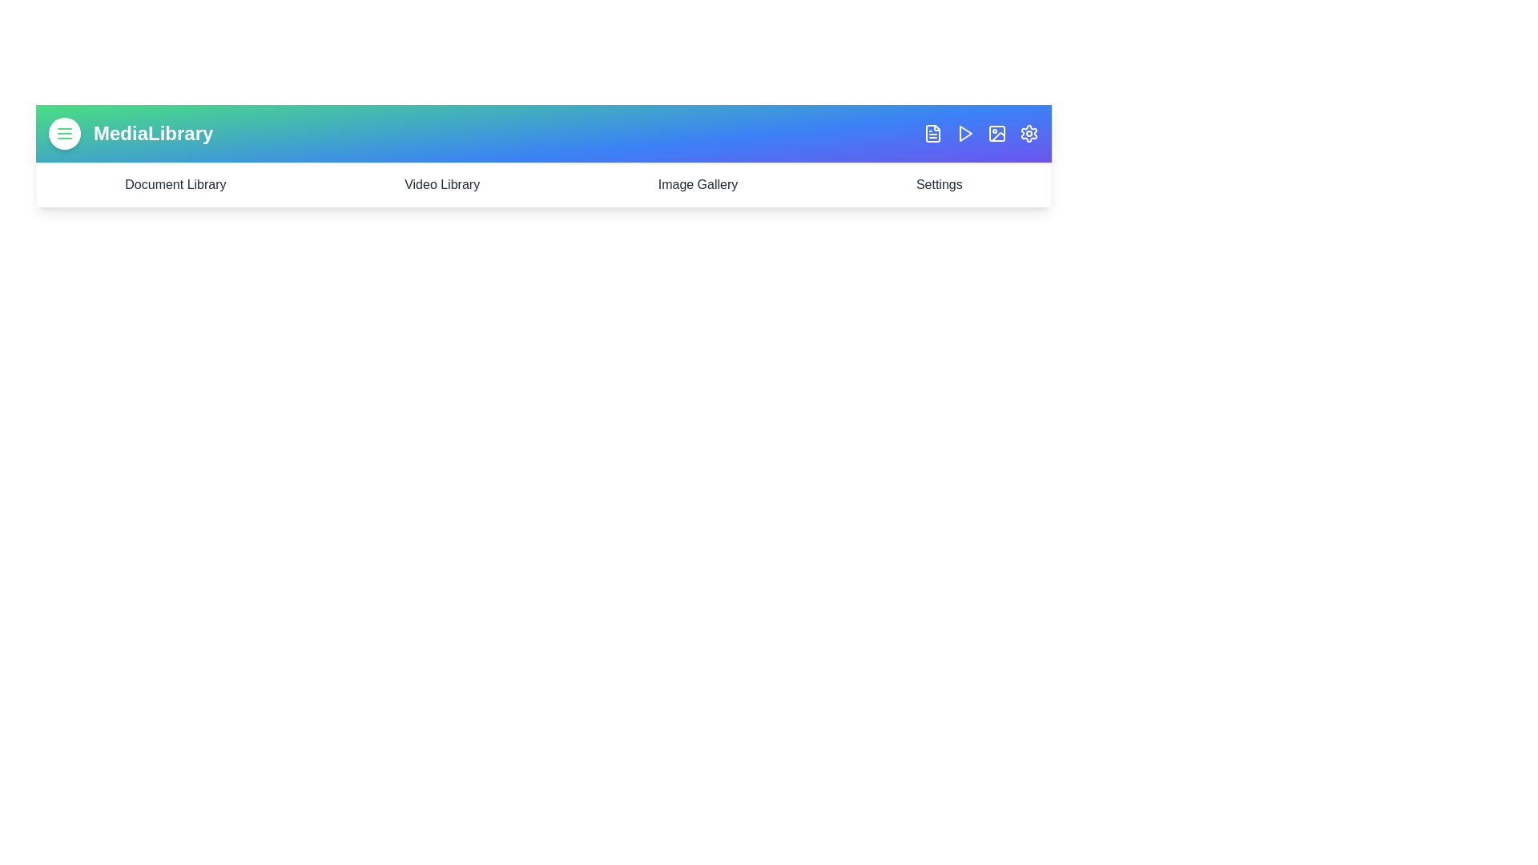  I want to click on the FileText icon to trigger its associated action, so click(933, 132).